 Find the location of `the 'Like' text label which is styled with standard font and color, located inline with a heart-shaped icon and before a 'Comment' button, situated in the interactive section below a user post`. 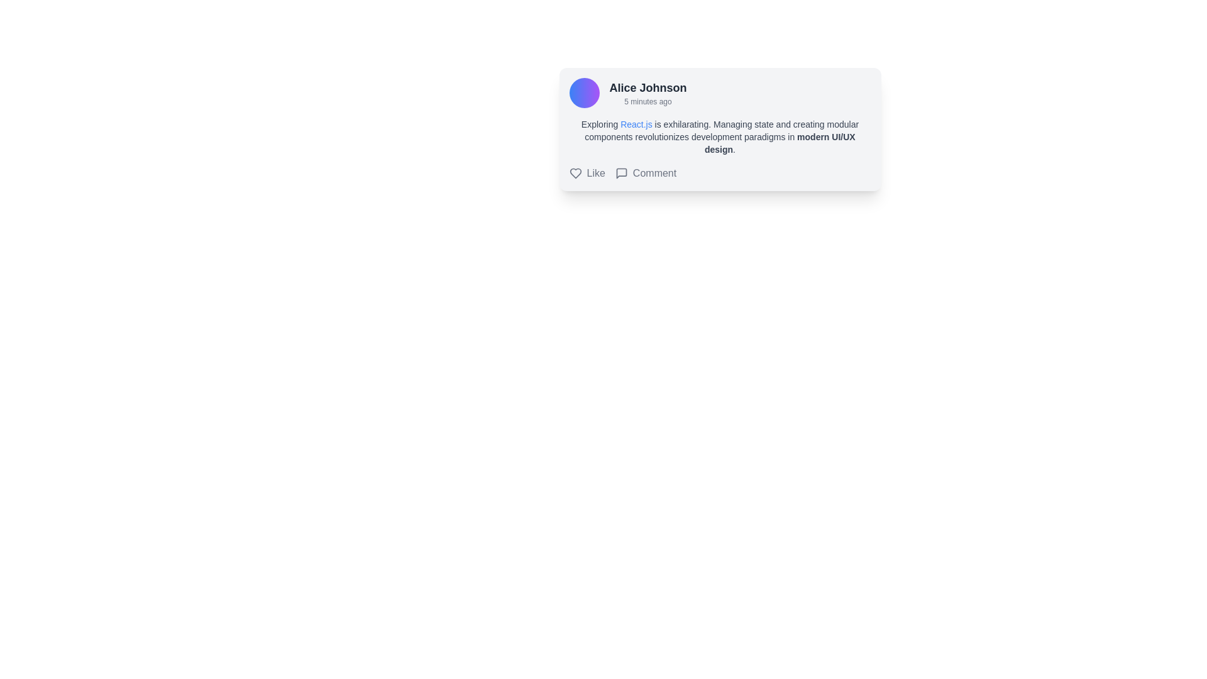

the 'Like' text label which is styled with standard font and color, located inline with a heart-shaped icon and before a 'Comment' button, situated in the interactive section below a user post is located at coordinates (595, 174).